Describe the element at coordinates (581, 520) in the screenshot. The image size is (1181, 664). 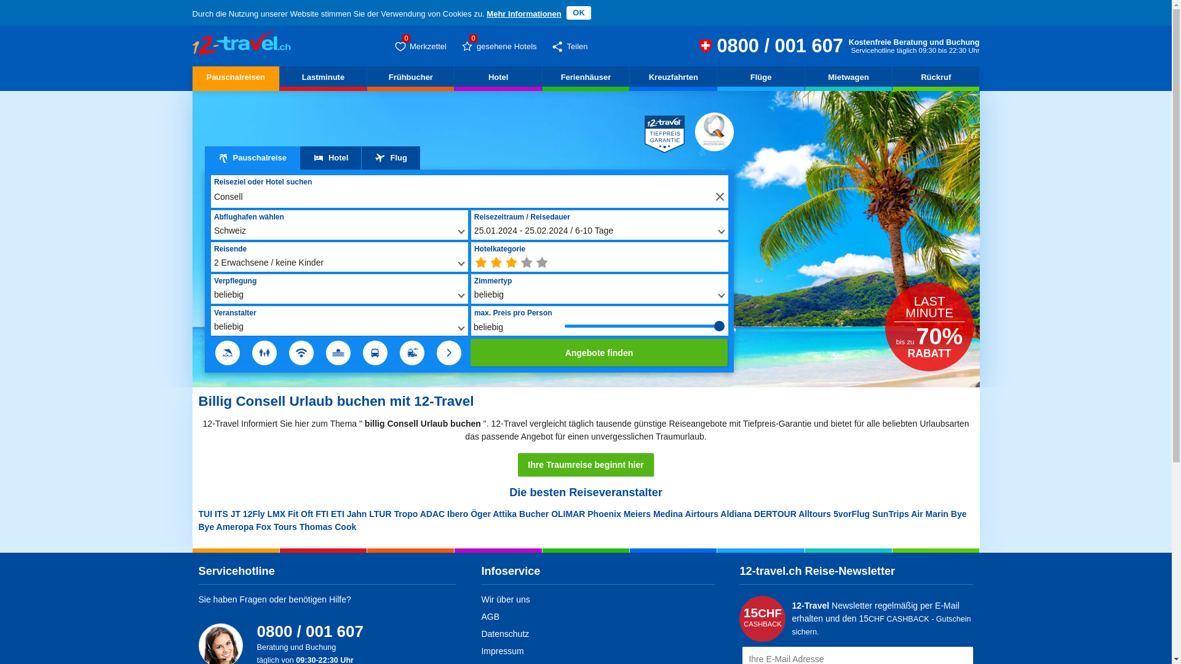
I see `'Bye Bye'` at that location.